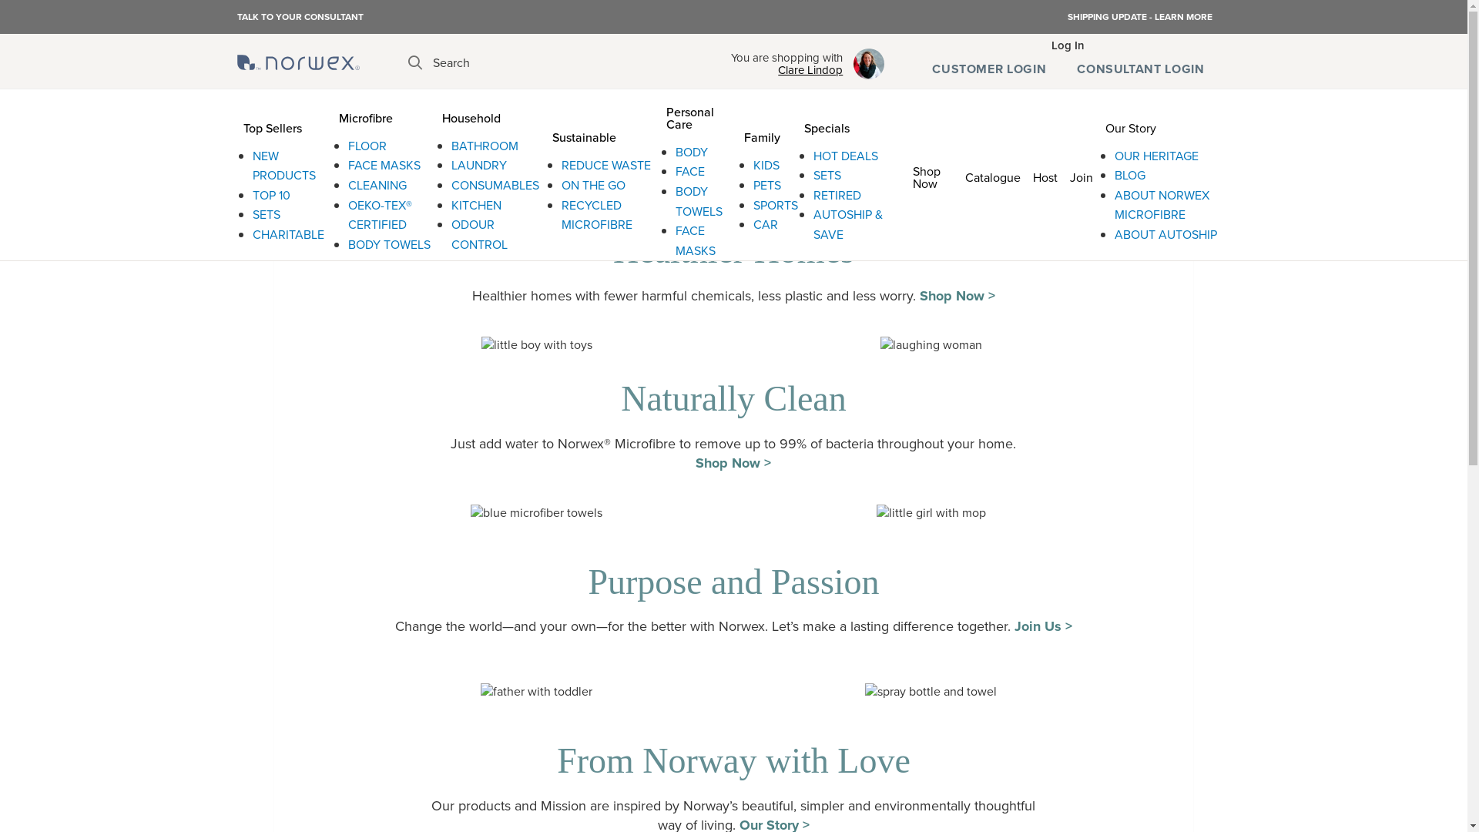  What do you see at coordinates (546, 134) in the screenshot?
I see `'Sustainable'` at bounding box center [546, 134].